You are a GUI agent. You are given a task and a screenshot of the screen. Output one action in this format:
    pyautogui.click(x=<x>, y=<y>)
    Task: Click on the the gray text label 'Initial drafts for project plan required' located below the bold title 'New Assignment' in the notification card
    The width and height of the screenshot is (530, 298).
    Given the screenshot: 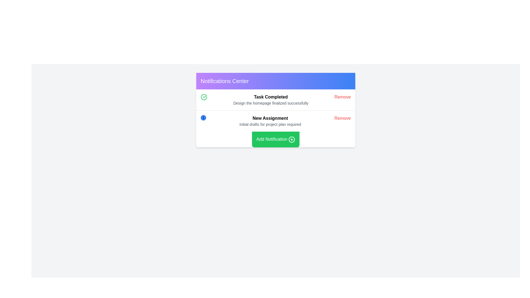 What is the action you would take?
    pyautogui.click(x=270, y=124)
    